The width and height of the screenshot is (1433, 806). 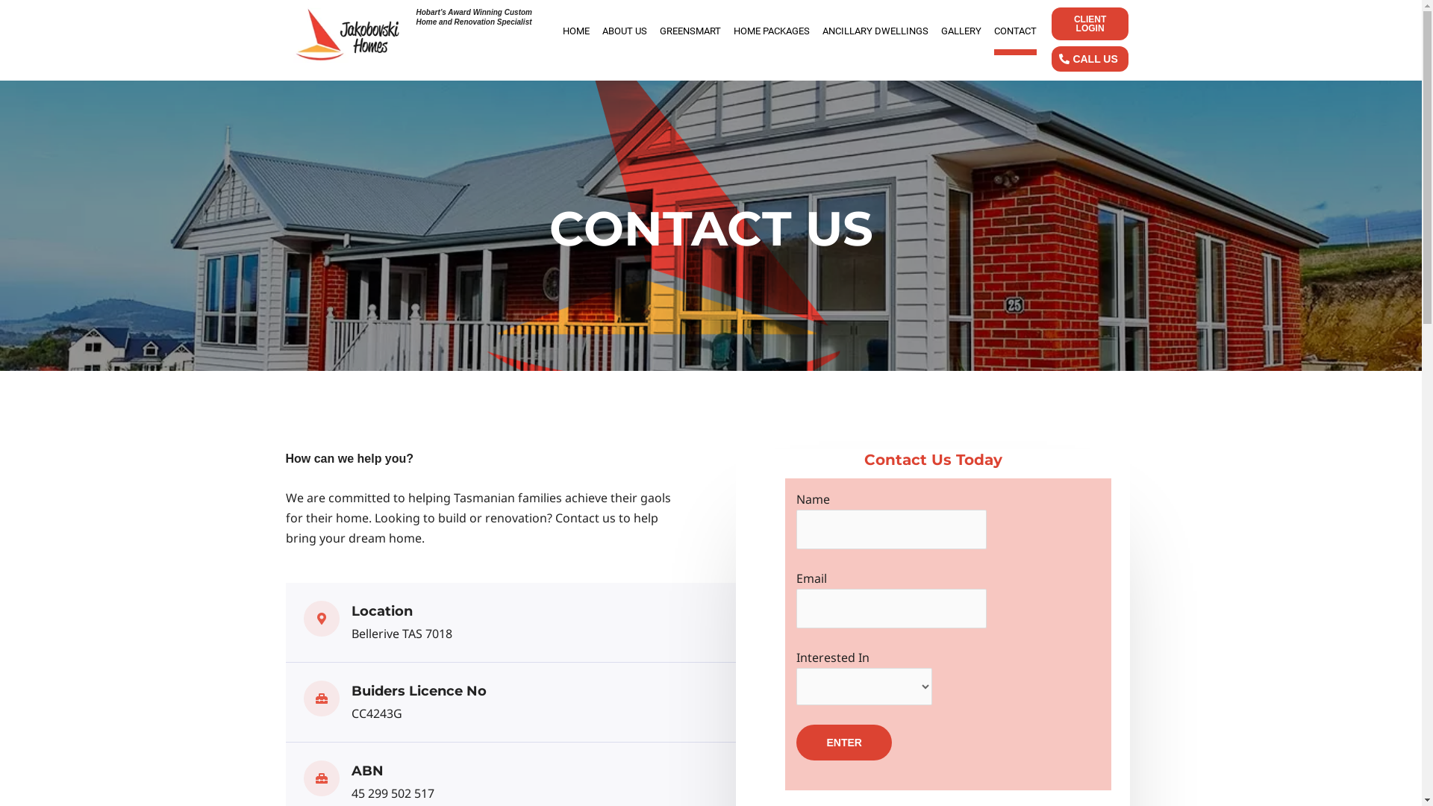 I want to click on 'GREENSMART', so click(x=690, y=31).